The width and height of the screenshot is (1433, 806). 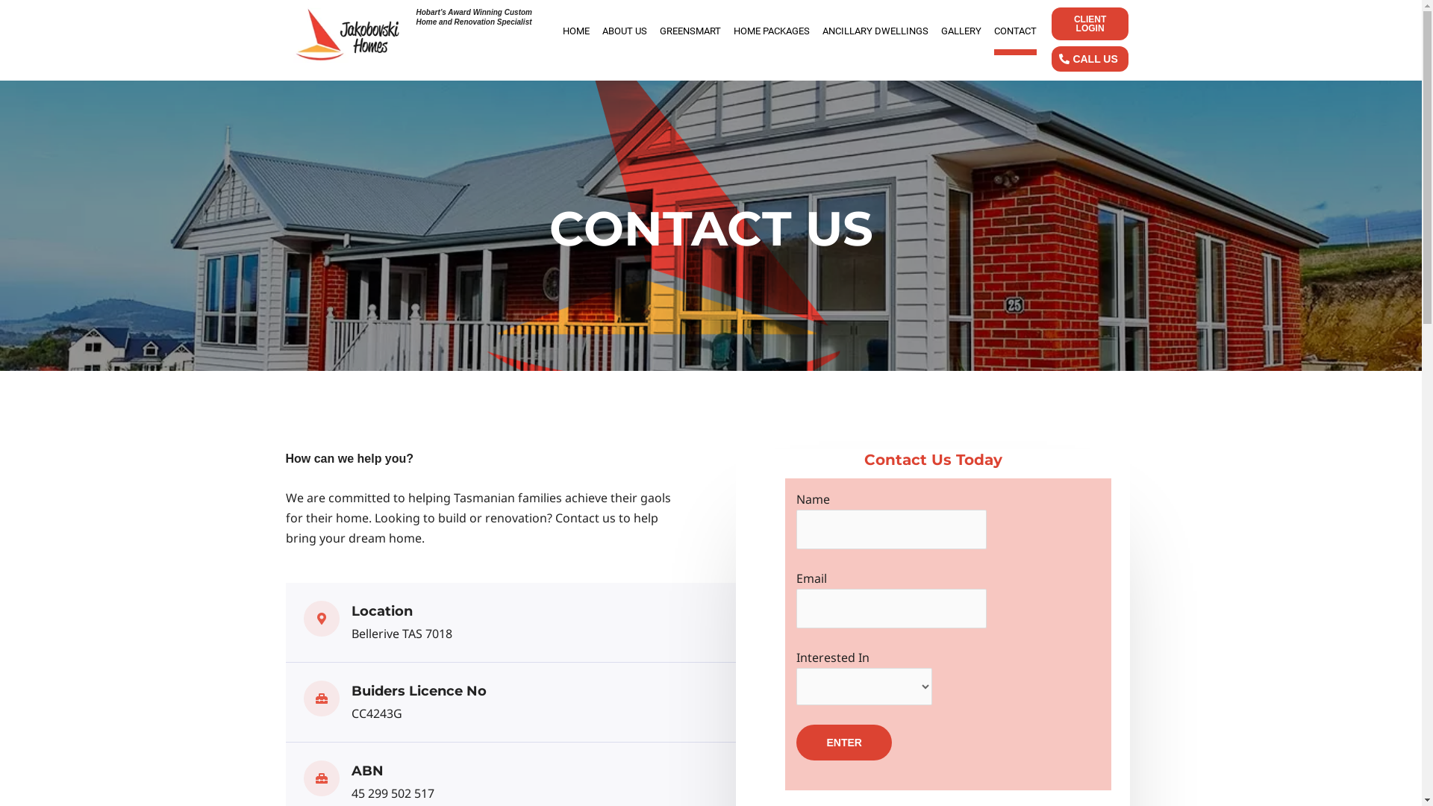 I want to click on 'GREENSMART', so click(x=690, y=31).